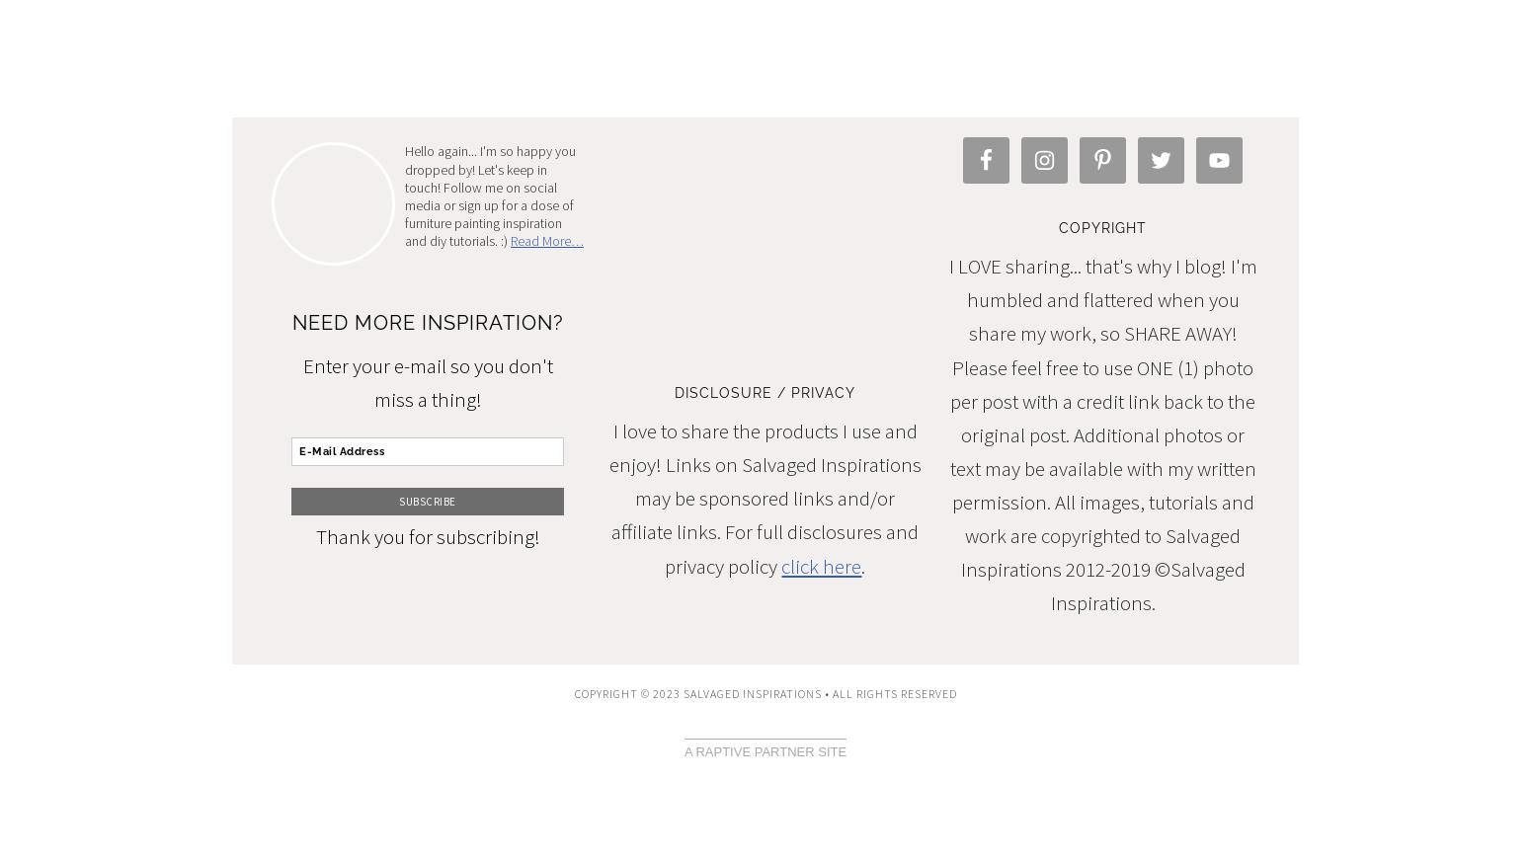 Image resolution: width=1531 pixels, height=861 pixels. I want to click on 'I love to share the products I use and enjoy! Links on Salvaged Inspirations may be sponsored links and/or affiliate links. For full disclosures and privacy policy', so click(765, 497).